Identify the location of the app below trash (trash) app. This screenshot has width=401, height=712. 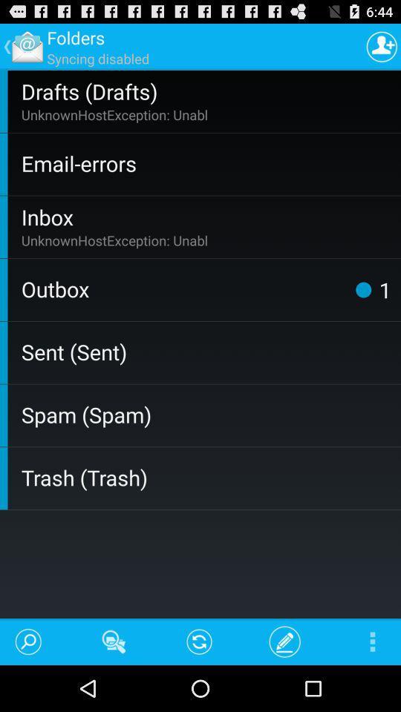
(364, 641).